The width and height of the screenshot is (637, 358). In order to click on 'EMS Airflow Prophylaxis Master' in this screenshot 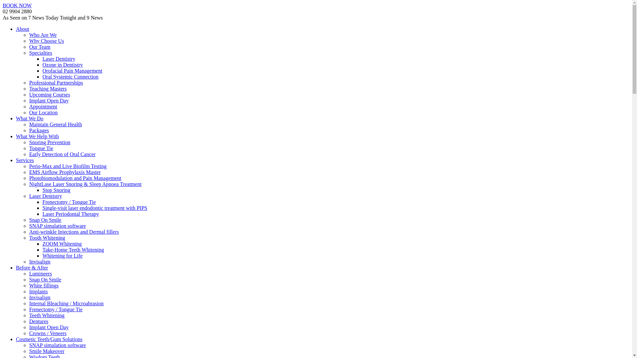, I will do `click(65, 172)`.